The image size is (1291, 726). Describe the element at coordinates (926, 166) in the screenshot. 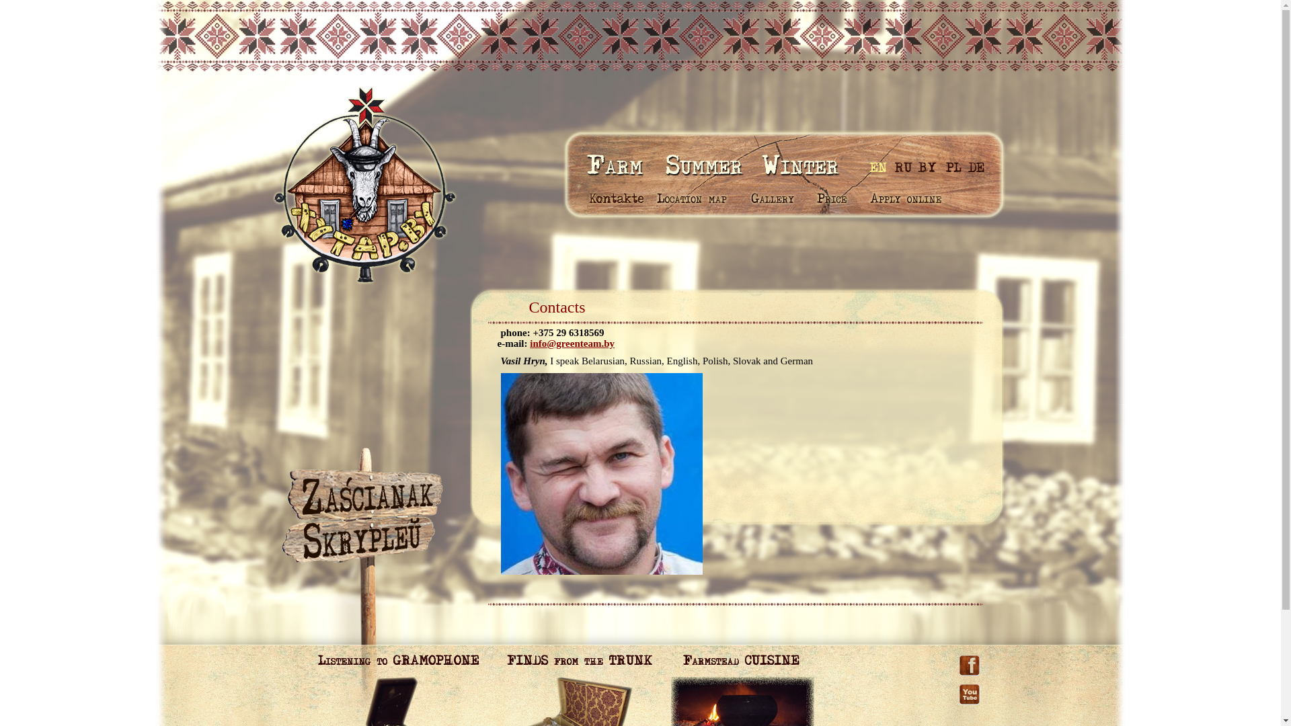

I see `'BY'` at that location.